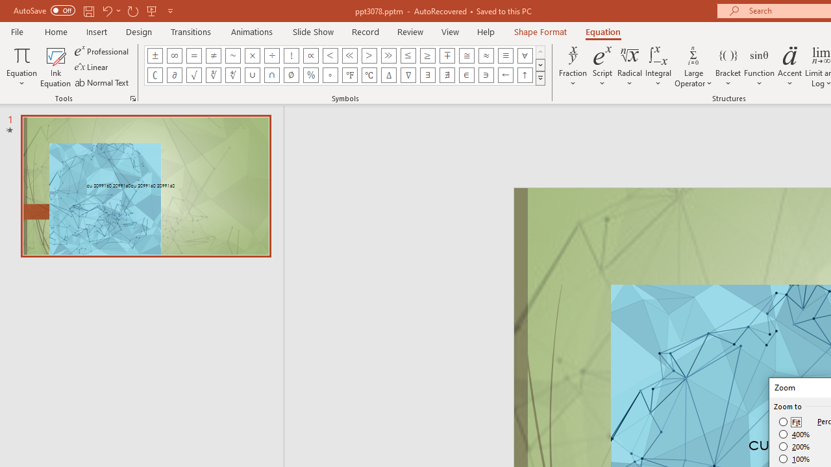 The width and height of the screenshot is (831, 467). Describe the element at coordinates (388, 55) in the screenshot. I see `'Equation Symbol Much Greater Than'` at that location.